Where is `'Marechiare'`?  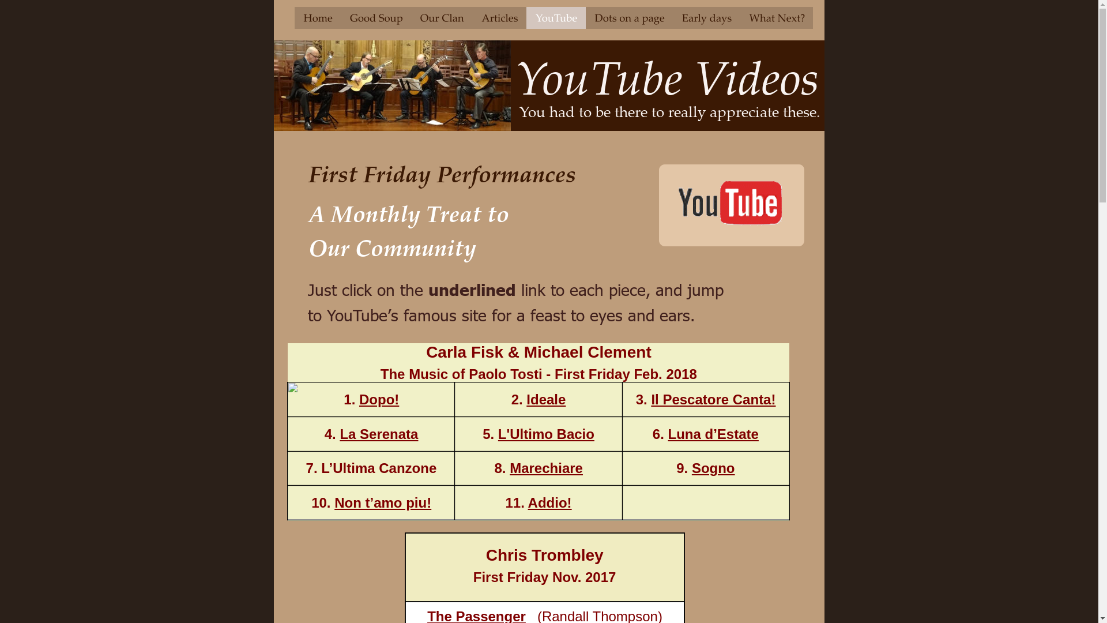 'Marechiare' is located at coordinates (545, 468).